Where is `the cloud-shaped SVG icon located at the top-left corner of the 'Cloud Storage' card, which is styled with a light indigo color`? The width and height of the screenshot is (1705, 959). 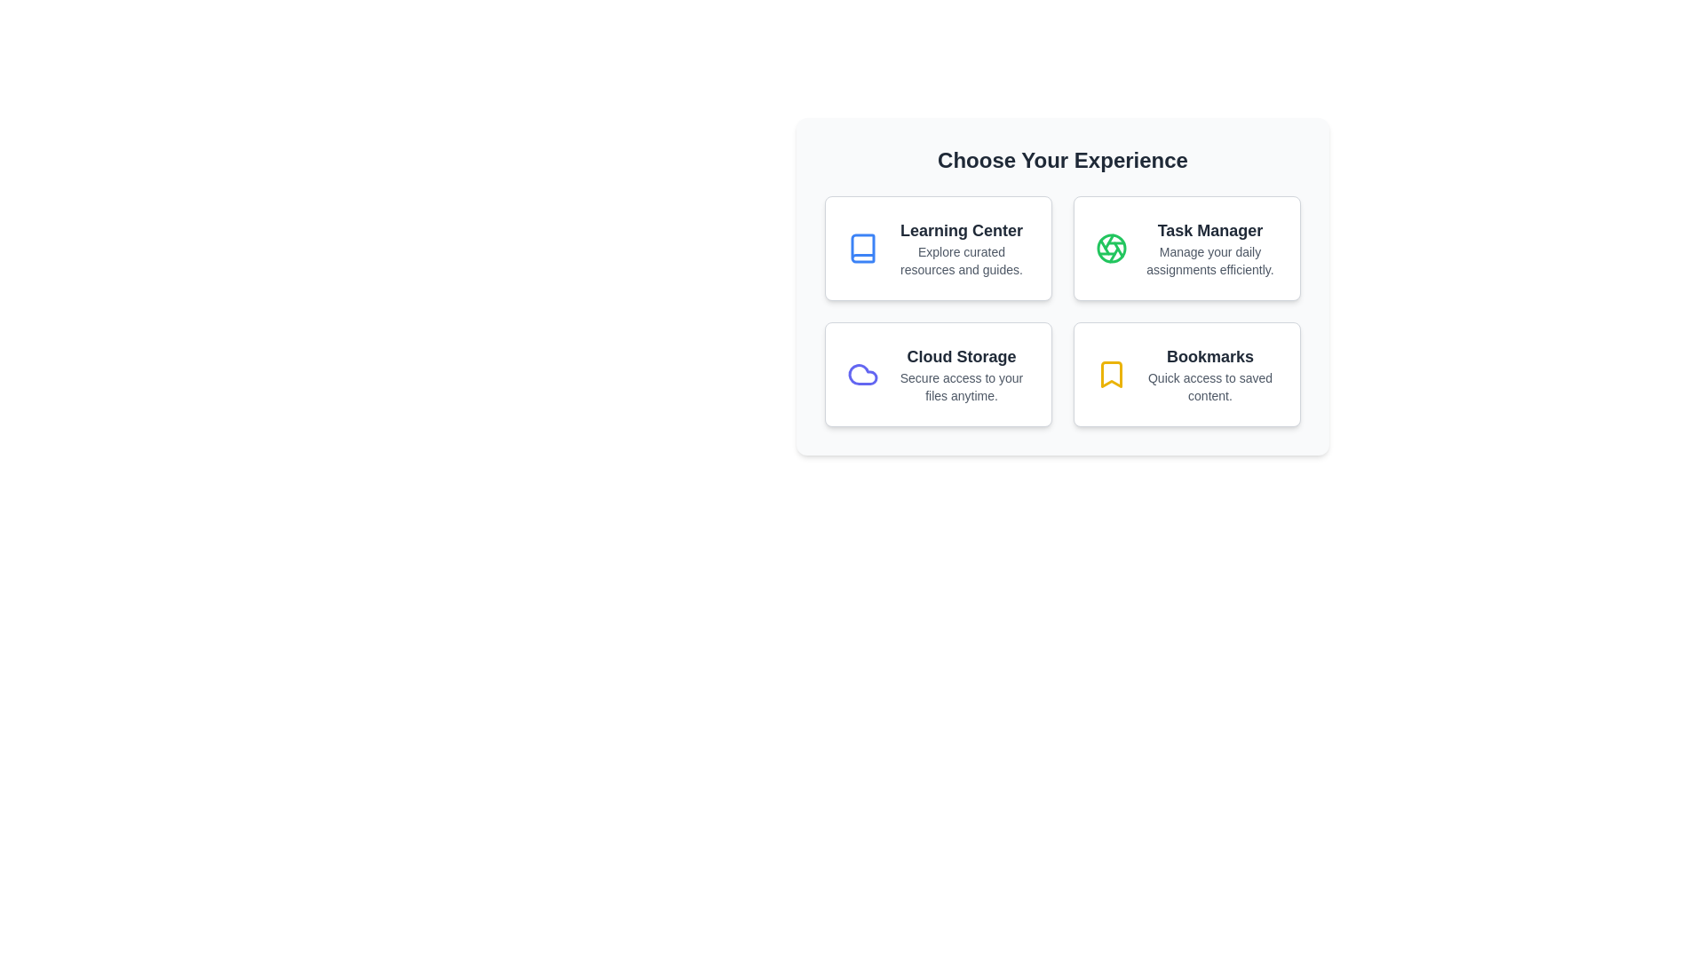
the cloud-shaped SVG icon located at the top-left corner of the 'Cloud Storage' card, which is styled with a light indigo color is located at coordinates (862, 373).